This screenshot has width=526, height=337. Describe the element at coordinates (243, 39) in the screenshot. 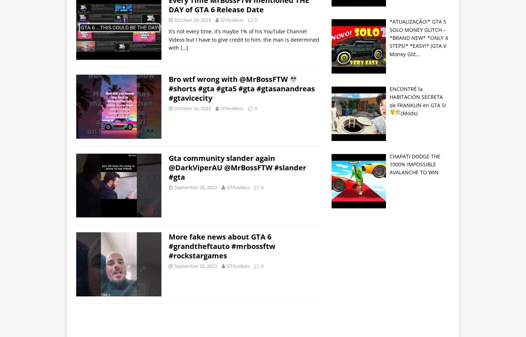

I see `'It’s not every time, it’s maybe 1% of his YouTube Channel Videos but I have to give credit to him, the man is determined with'` at that location.